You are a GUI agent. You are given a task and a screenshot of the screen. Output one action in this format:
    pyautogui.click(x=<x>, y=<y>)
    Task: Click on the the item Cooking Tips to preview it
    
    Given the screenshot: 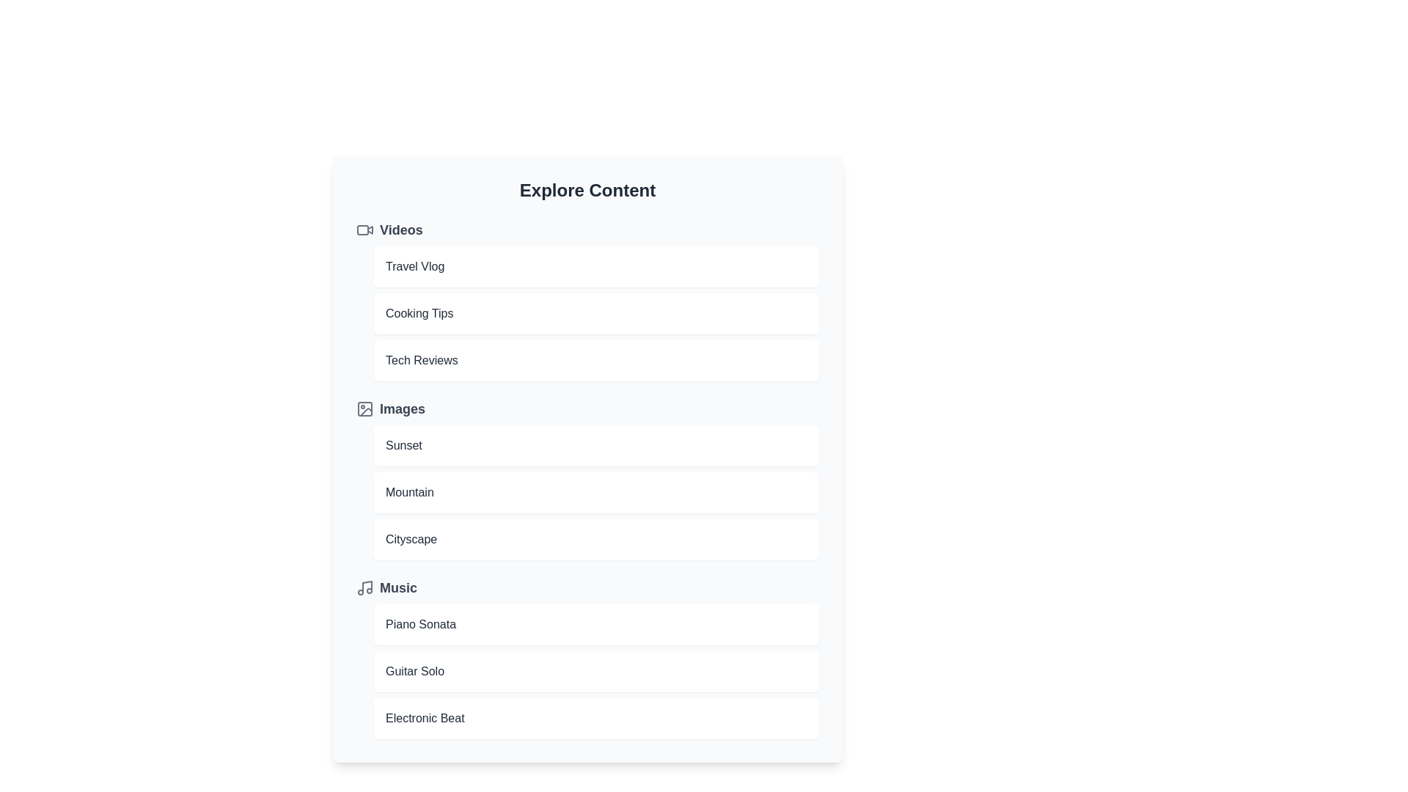 What is the action you would take?
    pyautogui.click(x=596, y=313)
    